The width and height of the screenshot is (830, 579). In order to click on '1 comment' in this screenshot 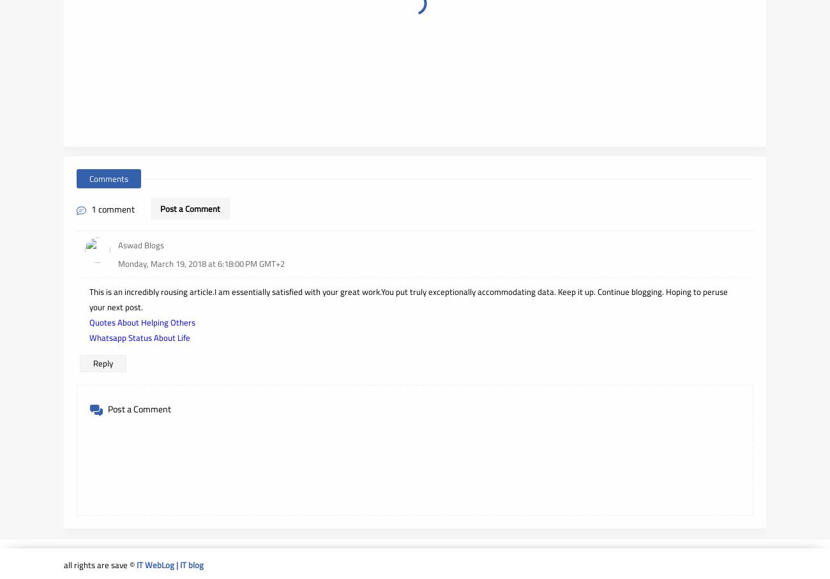, I will do `click(112, 209)`.